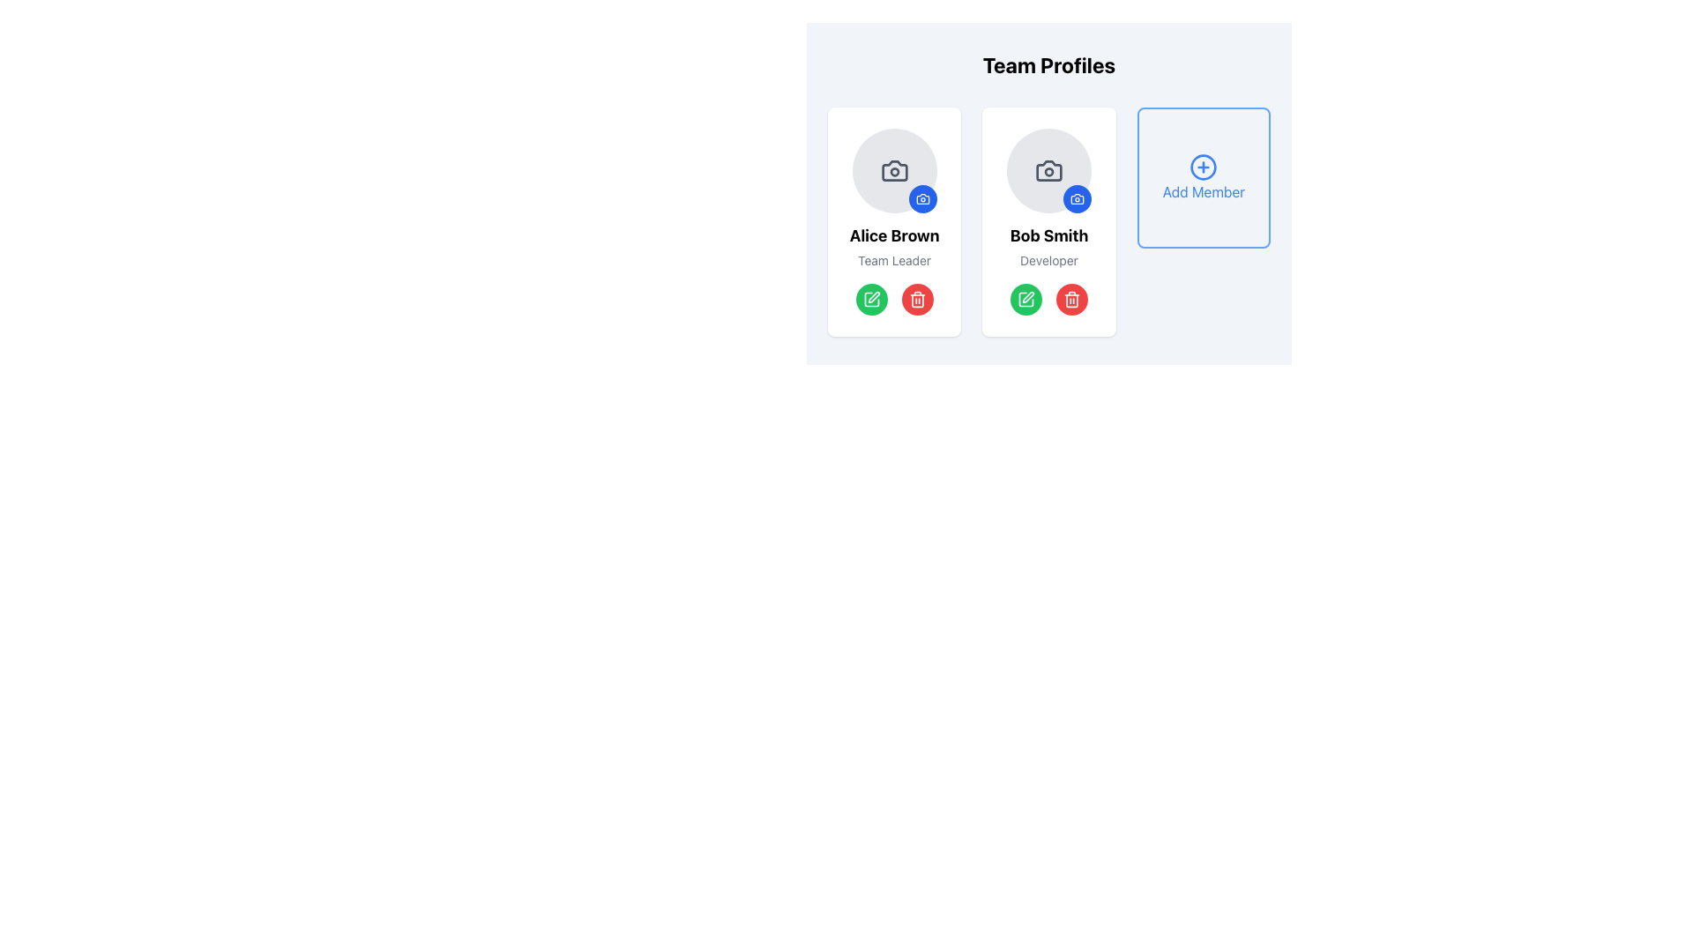 This screenshot has height=952, width=1693. Describe the element at coordinates (1203, 167) in the screenshot. I see `the circular icon with a blue outlined plus sign in the center of the 'Add Member' button located in the 'Team Profiles' section via keyboard navigation` at that location.